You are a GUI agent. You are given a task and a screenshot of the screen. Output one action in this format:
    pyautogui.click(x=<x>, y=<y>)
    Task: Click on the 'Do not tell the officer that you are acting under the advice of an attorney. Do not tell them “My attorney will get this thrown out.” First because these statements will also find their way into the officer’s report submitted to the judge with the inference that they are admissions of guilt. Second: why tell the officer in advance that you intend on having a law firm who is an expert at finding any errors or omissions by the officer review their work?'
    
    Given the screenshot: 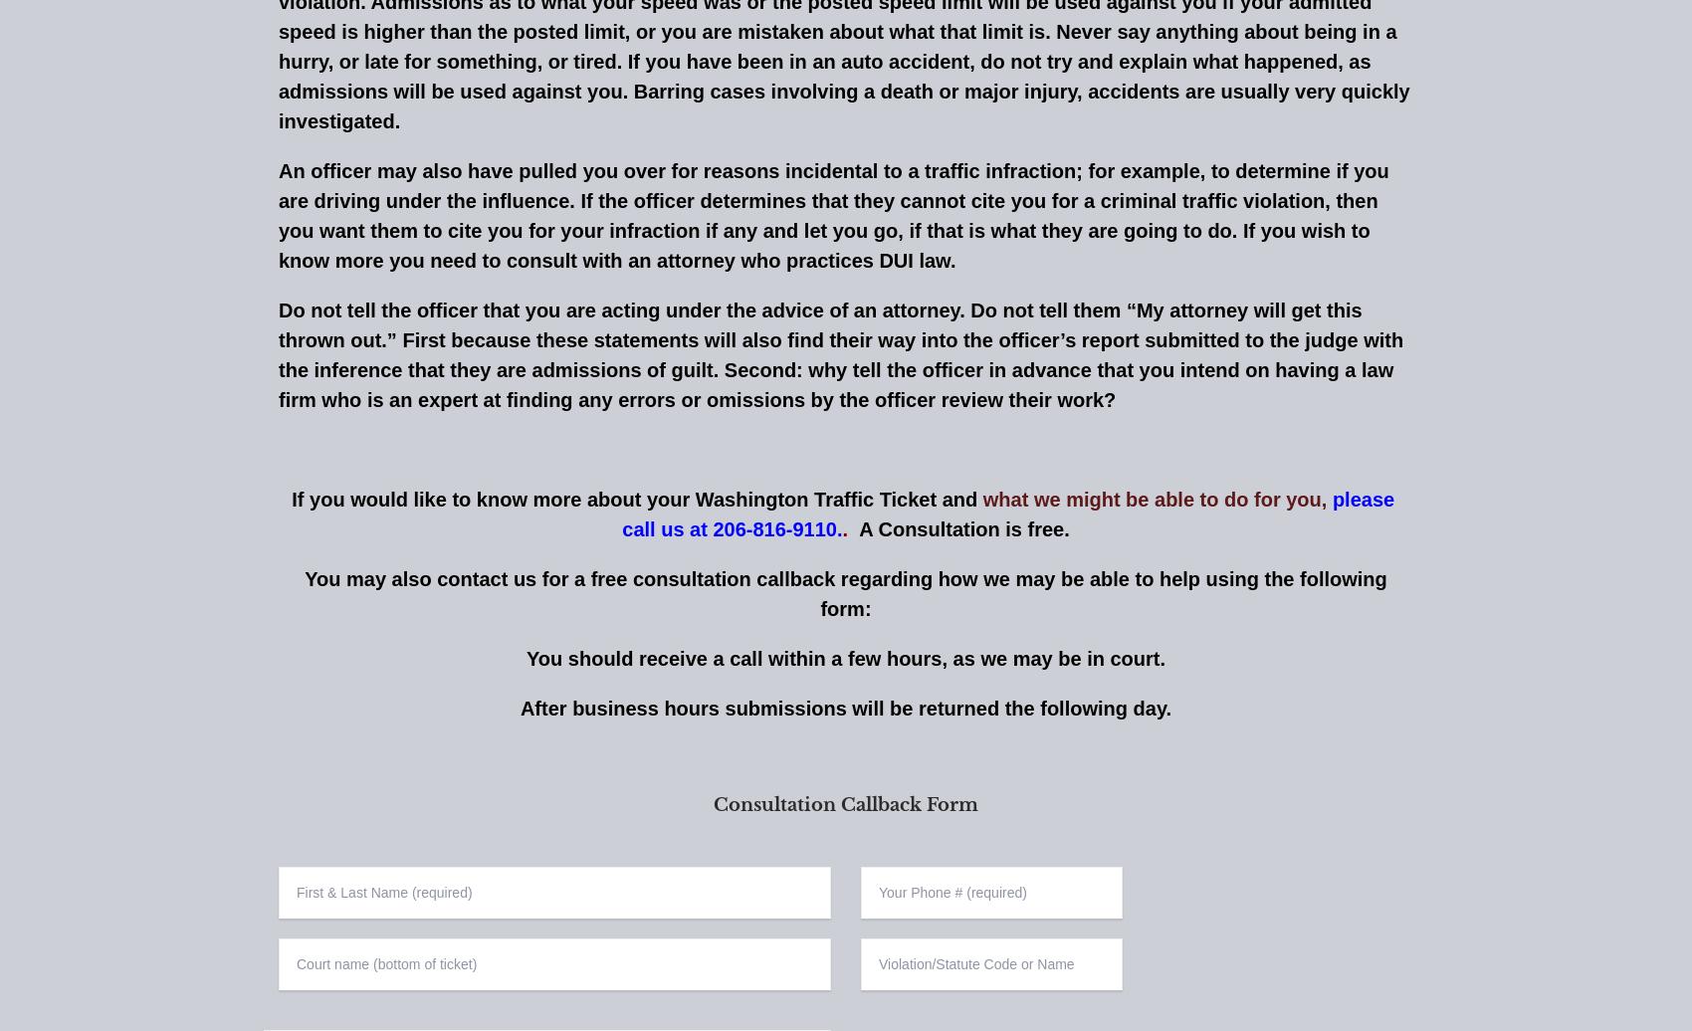 What is the action you would take?
    pyautogui.click(x=840, y=353)
    